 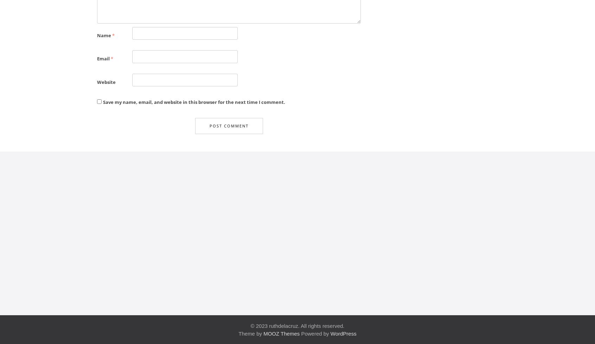 I want to click on 'Name', so click(x=104, y=35).